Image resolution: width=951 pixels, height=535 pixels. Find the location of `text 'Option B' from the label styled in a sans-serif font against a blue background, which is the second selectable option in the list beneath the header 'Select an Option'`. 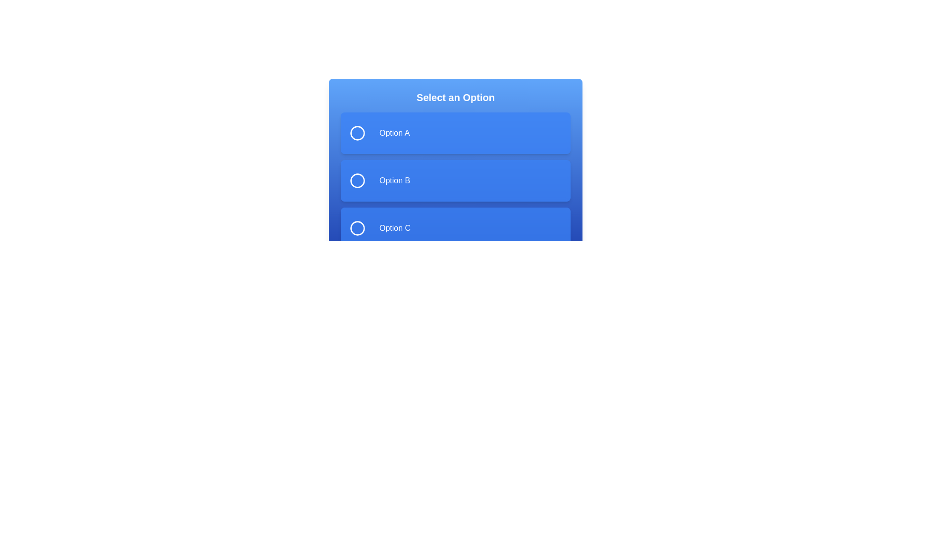

text 'Option B' from the label styled in a sans-serif font against a blue background, which is the second selectable option in the list beneath the header 'Select an Option' is located at coordinates (394, 181).